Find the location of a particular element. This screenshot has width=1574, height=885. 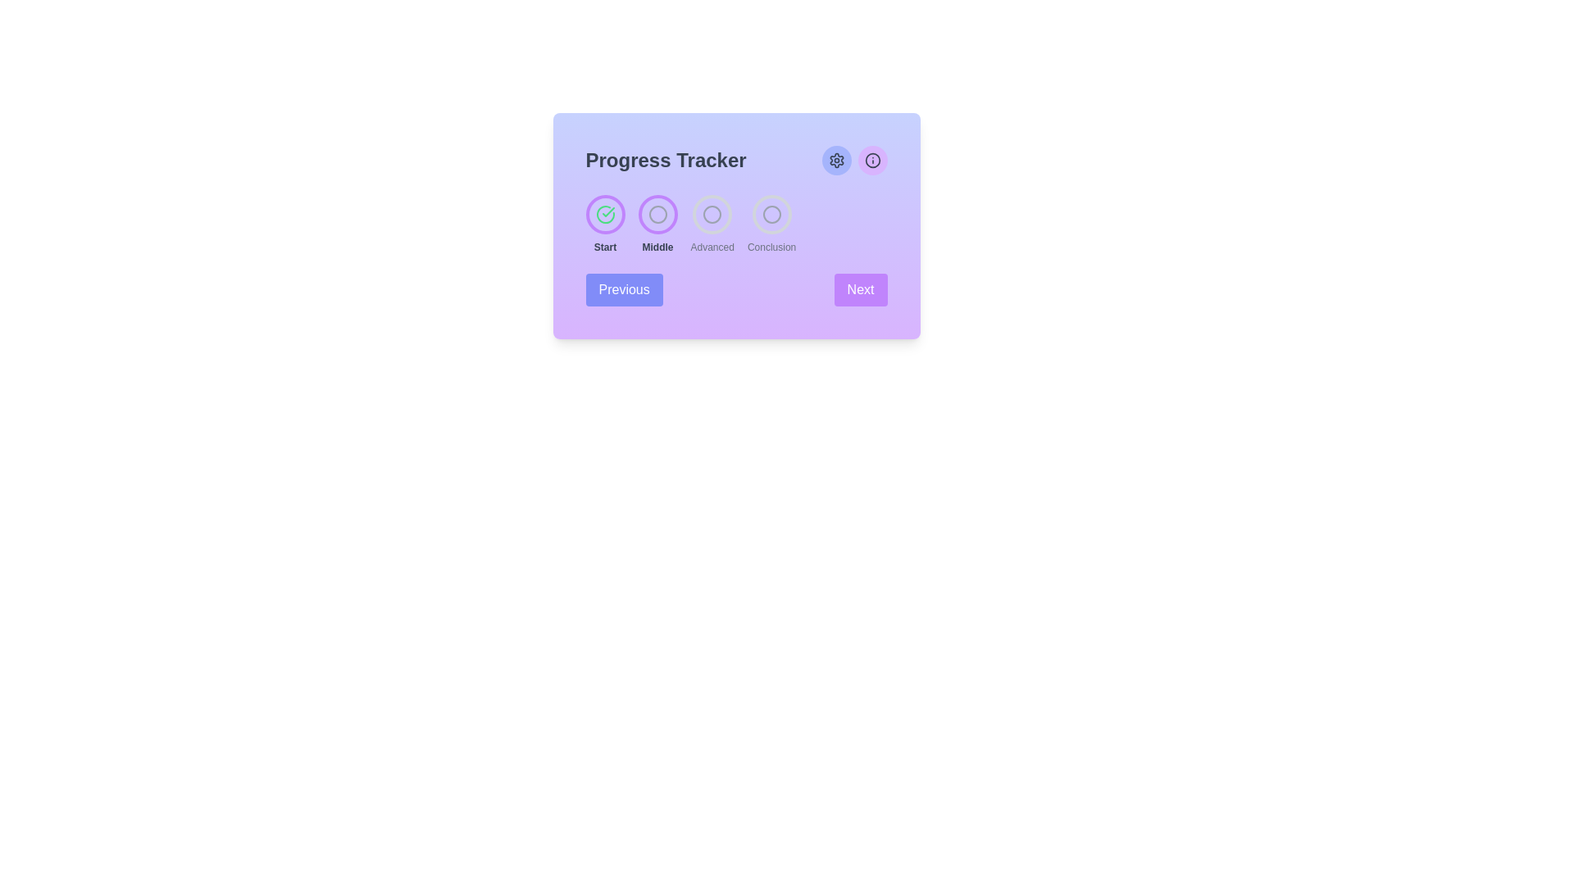

the Circular status indicator with a purple border and a green check symbol, located in the first column of a progress tracker labeled 'Start' is located at coordinates (604, 214).